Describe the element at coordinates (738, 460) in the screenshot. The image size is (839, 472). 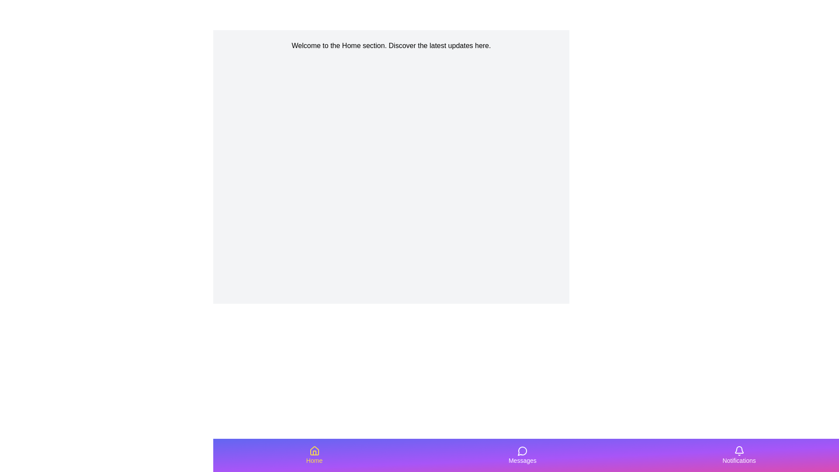
I see `the Notifications text label located in the bottom navigation bar, which clarifies the purpose of the associated bell icon` at that location.